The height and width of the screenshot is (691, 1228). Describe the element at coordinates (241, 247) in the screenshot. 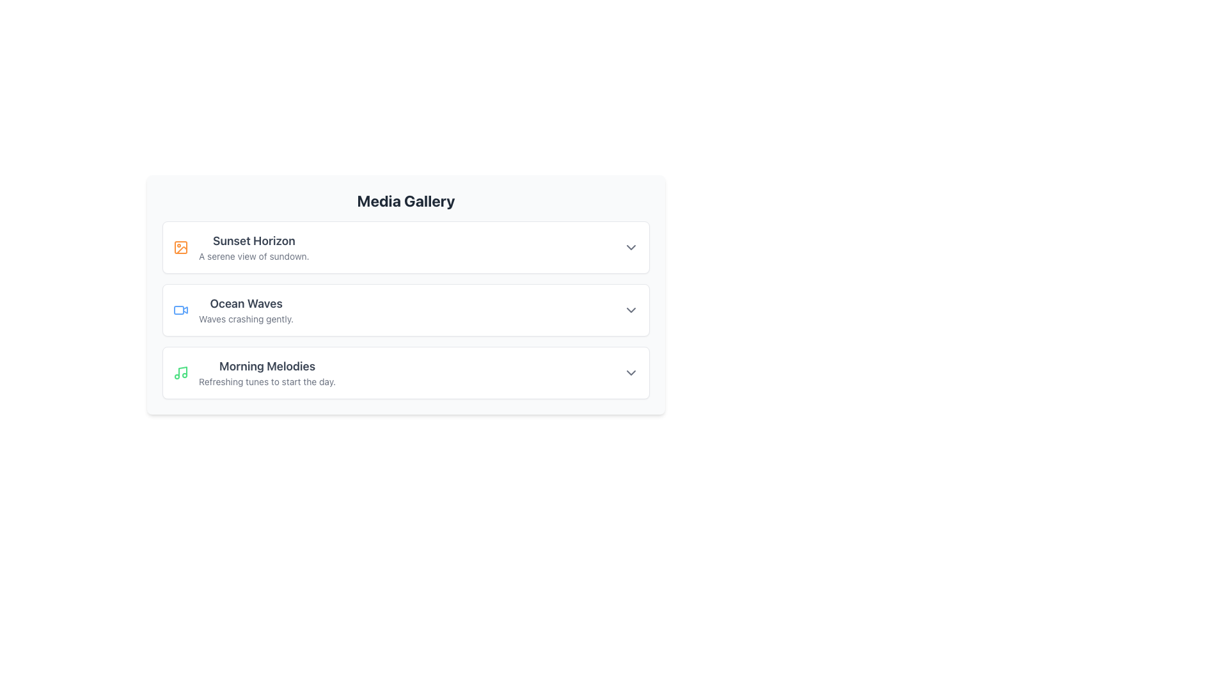

I see `the first element in the 'Media Gallery' which consists of an icon and text (title and subtitle) for selection` at that location.